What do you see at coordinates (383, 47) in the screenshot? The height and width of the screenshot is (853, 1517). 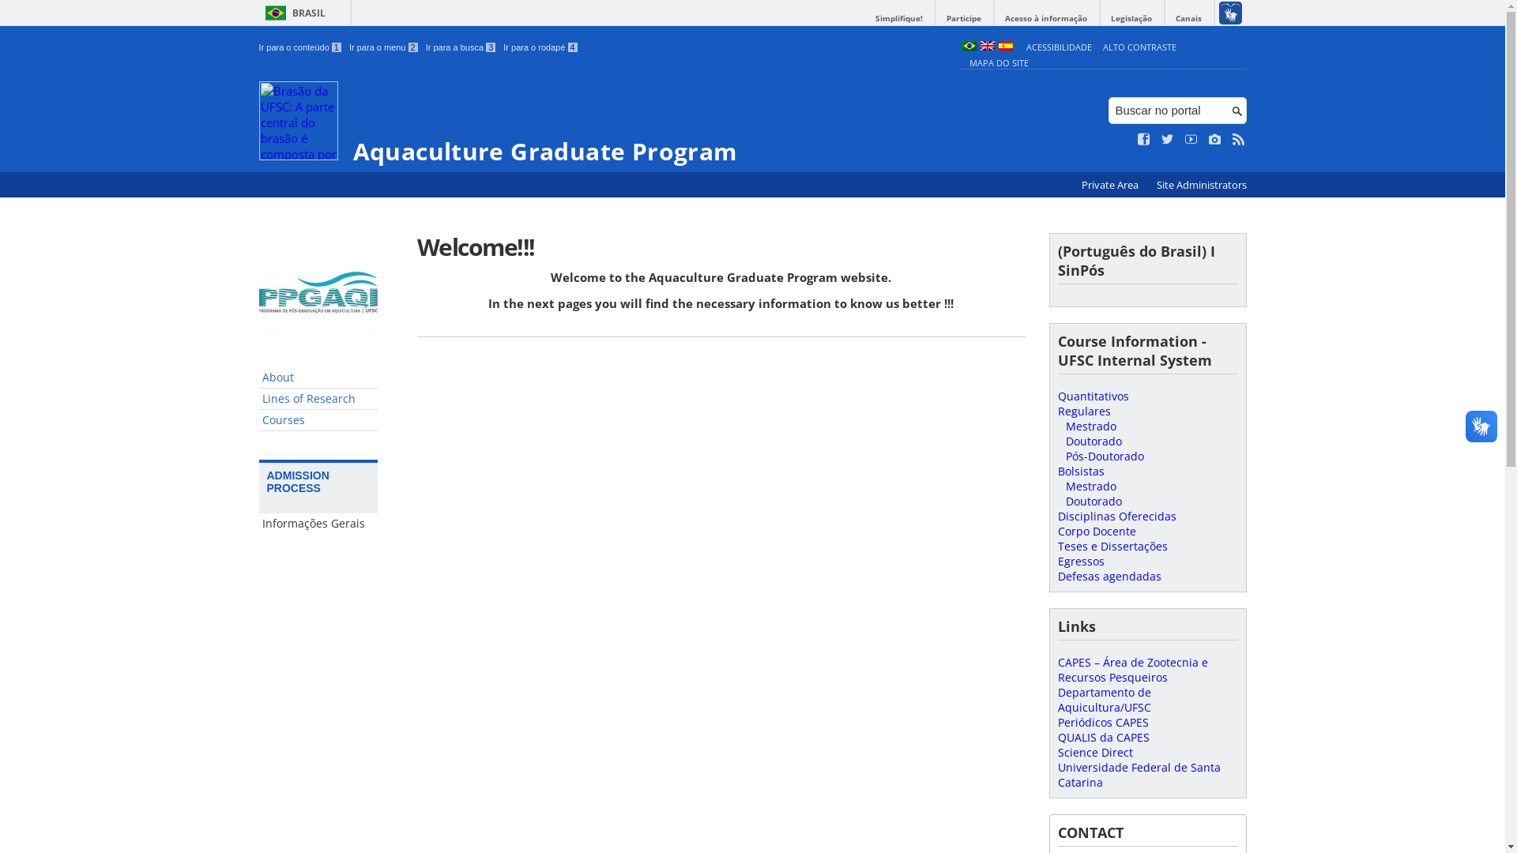 I see `'Ir para o menu 2'` at bounding box center [383, 47].